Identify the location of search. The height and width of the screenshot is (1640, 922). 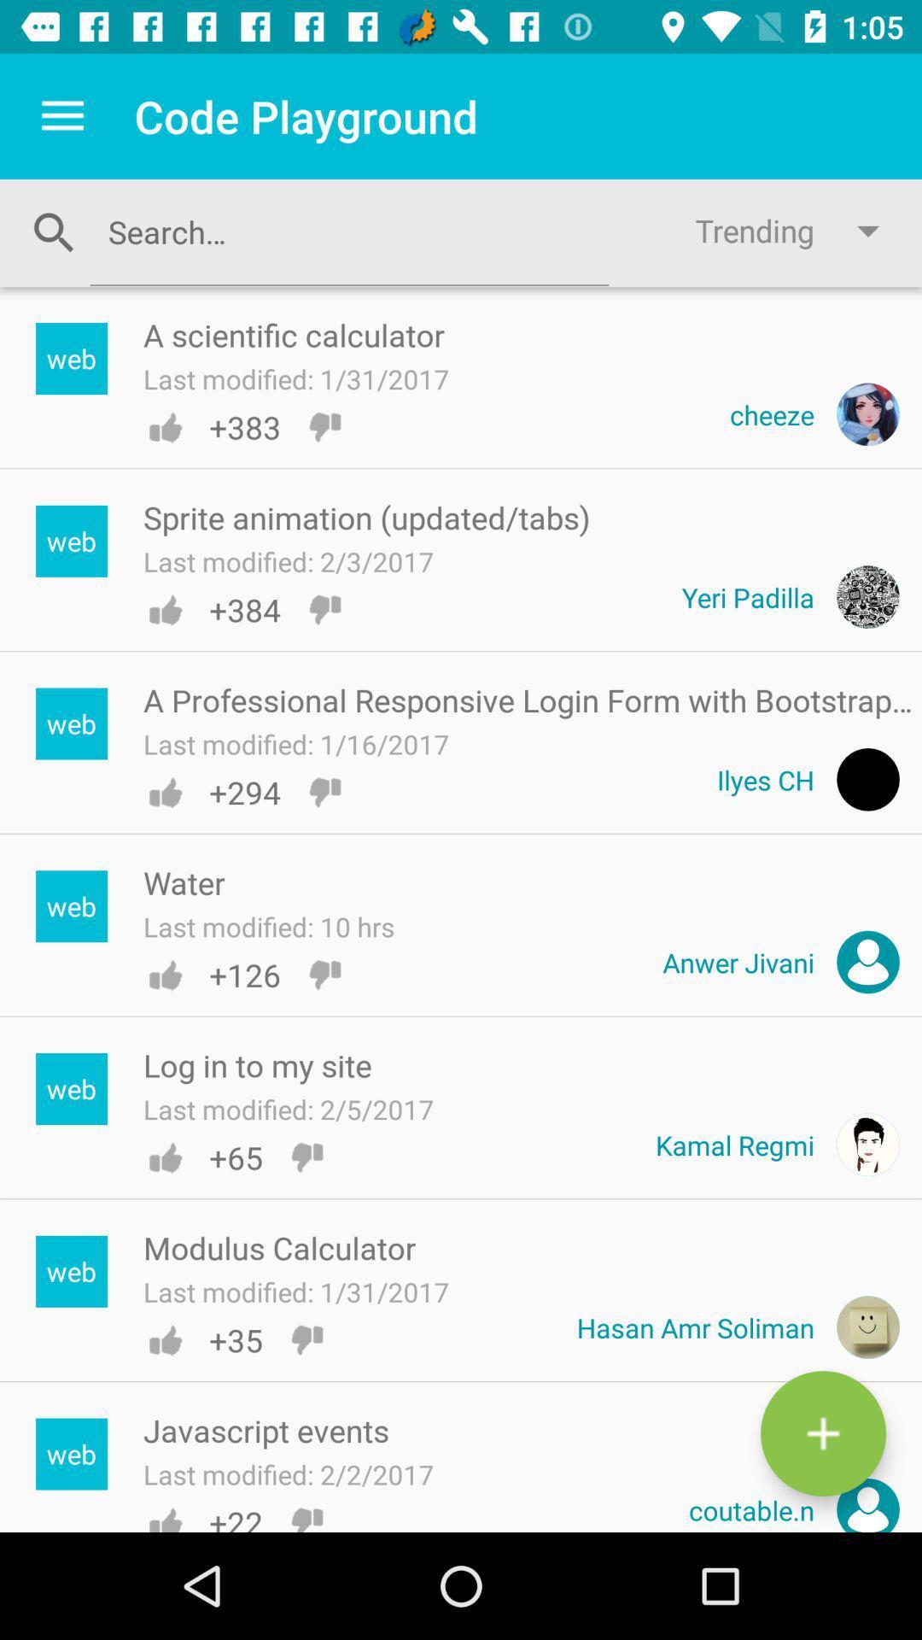
(348, 231).